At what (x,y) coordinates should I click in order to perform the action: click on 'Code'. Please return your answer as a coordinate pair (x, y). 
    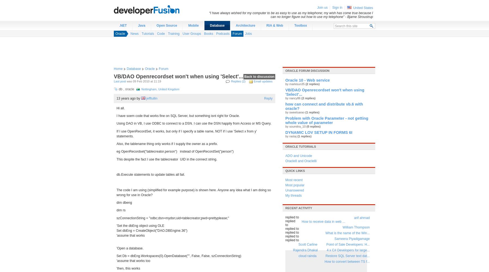
    Looking at the image, I should click on (160, 33).